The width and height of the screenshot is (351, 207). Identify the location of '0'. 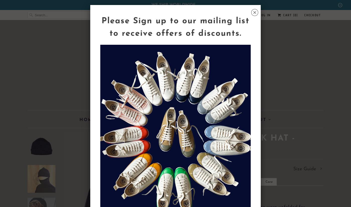
(295, 15).